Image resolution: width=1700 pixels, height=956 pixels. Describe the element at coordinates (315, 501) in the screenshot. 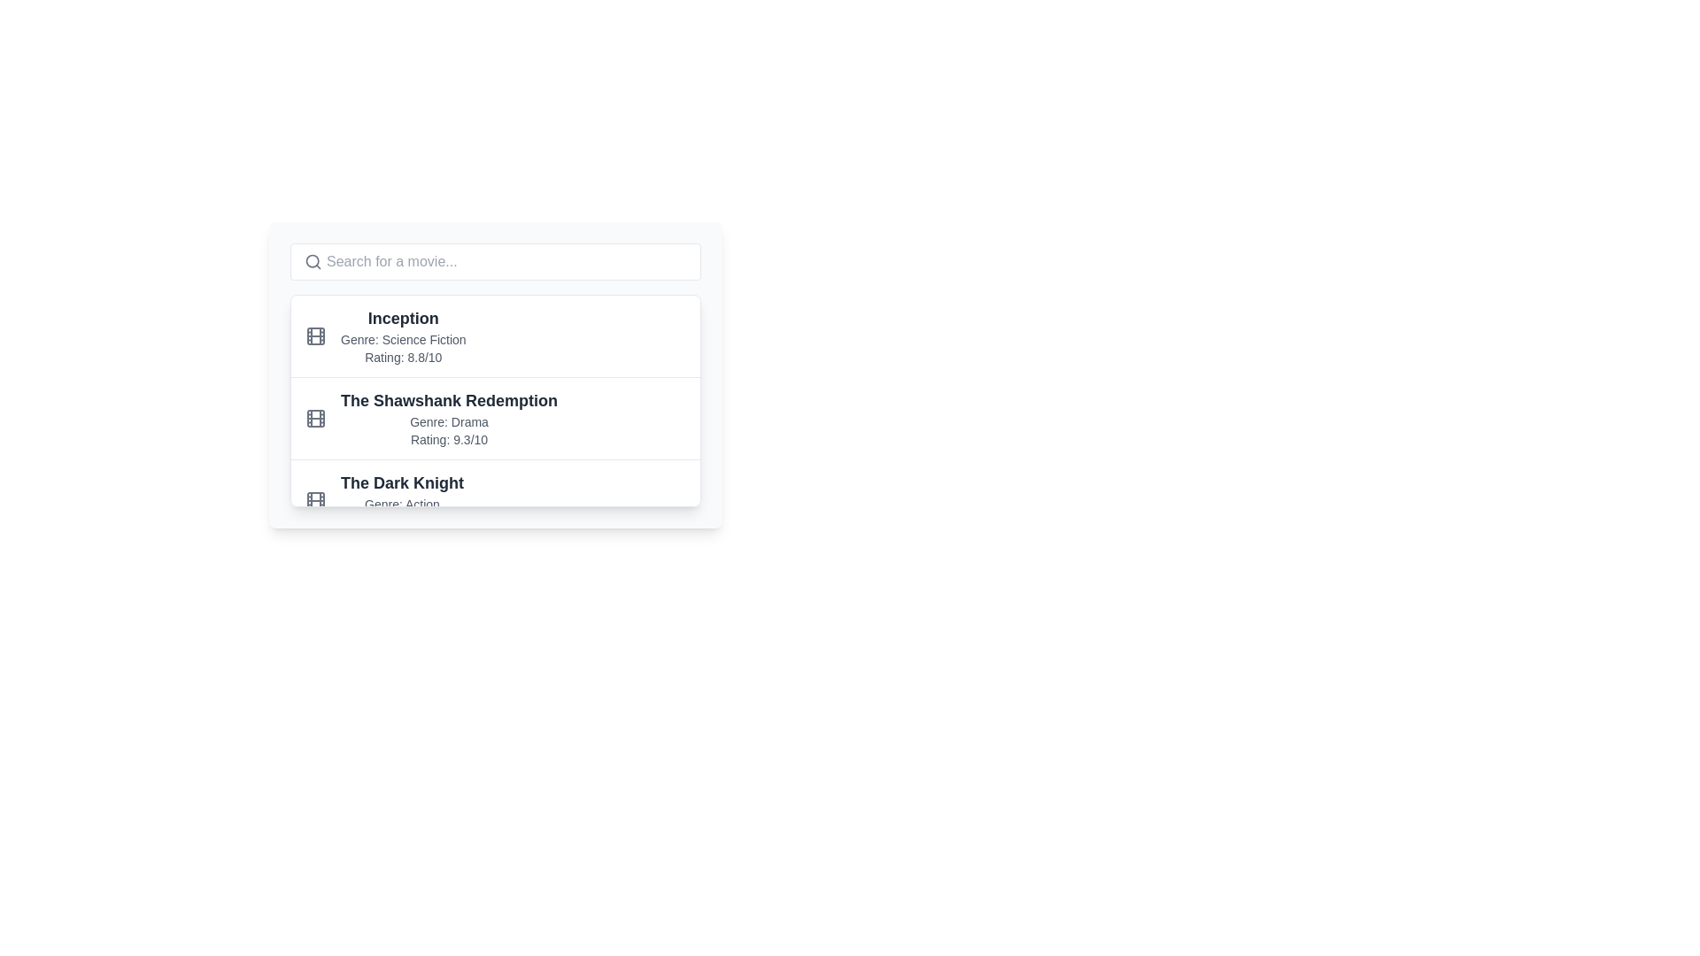

I see `the small gray rectangular component with rounded corners located inside the film reel icon, which is to the left of the movie title 'The Dark Knight'` at that location.